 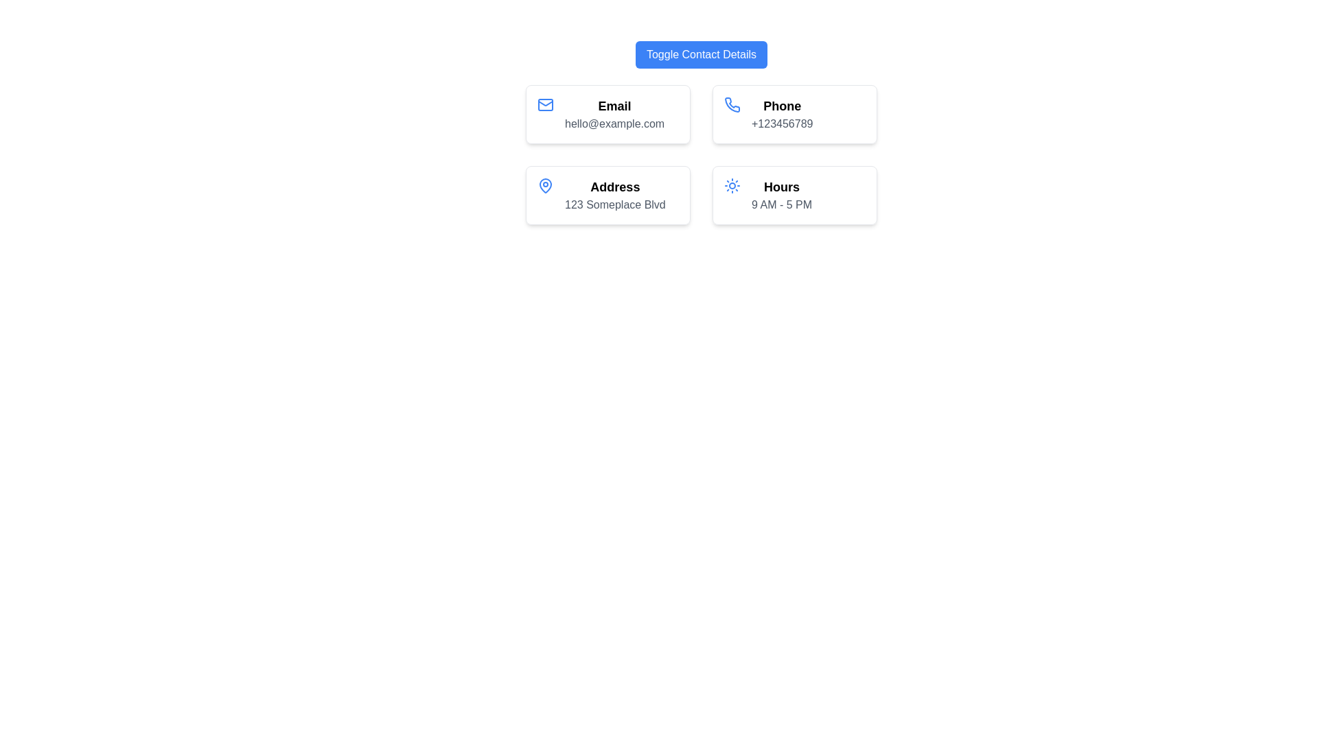 What do you see at coordinates (545, 104) in the screenshot?
I see `the email icon located in the top-left card of a four-card grid layout` at bounding box center [545, 104].